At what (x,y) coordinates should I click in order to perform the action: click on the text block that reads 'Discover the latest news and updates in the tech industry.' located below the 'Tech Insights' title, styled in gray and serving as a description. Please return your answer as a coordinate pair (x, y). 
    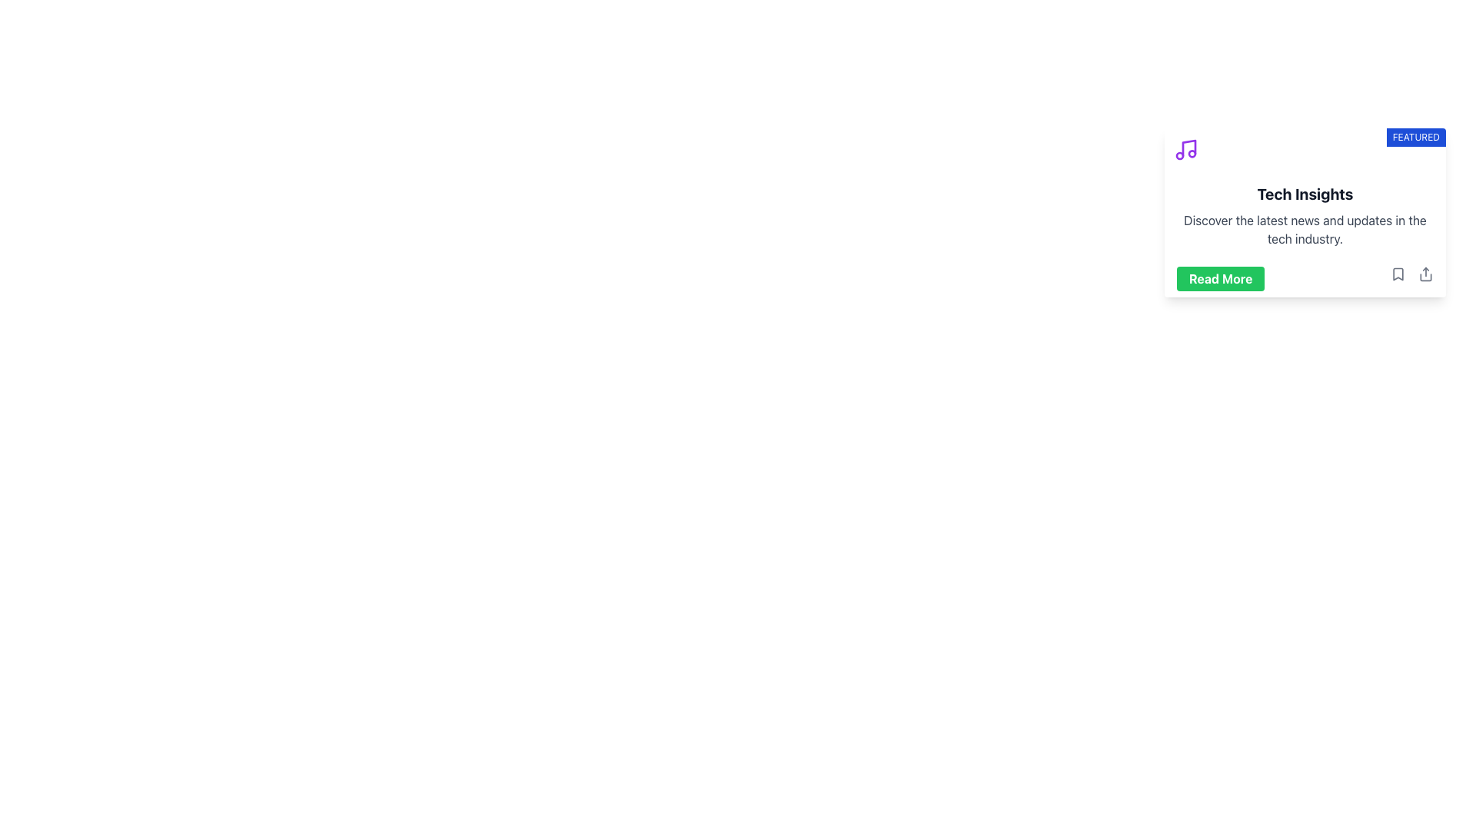
    Looking at the image, I should click on (1305, 230).